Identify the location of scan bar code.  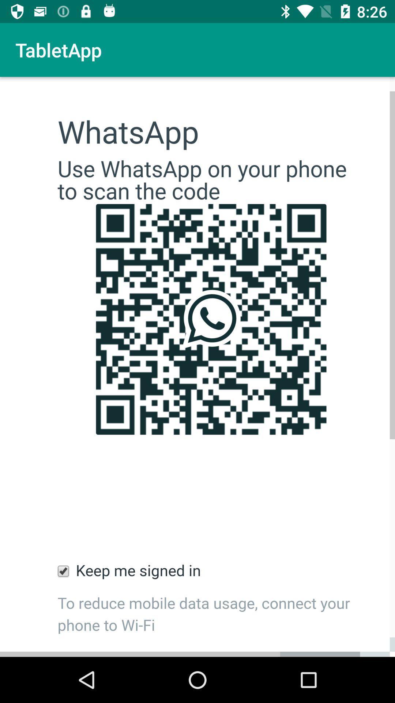
(197, 367).